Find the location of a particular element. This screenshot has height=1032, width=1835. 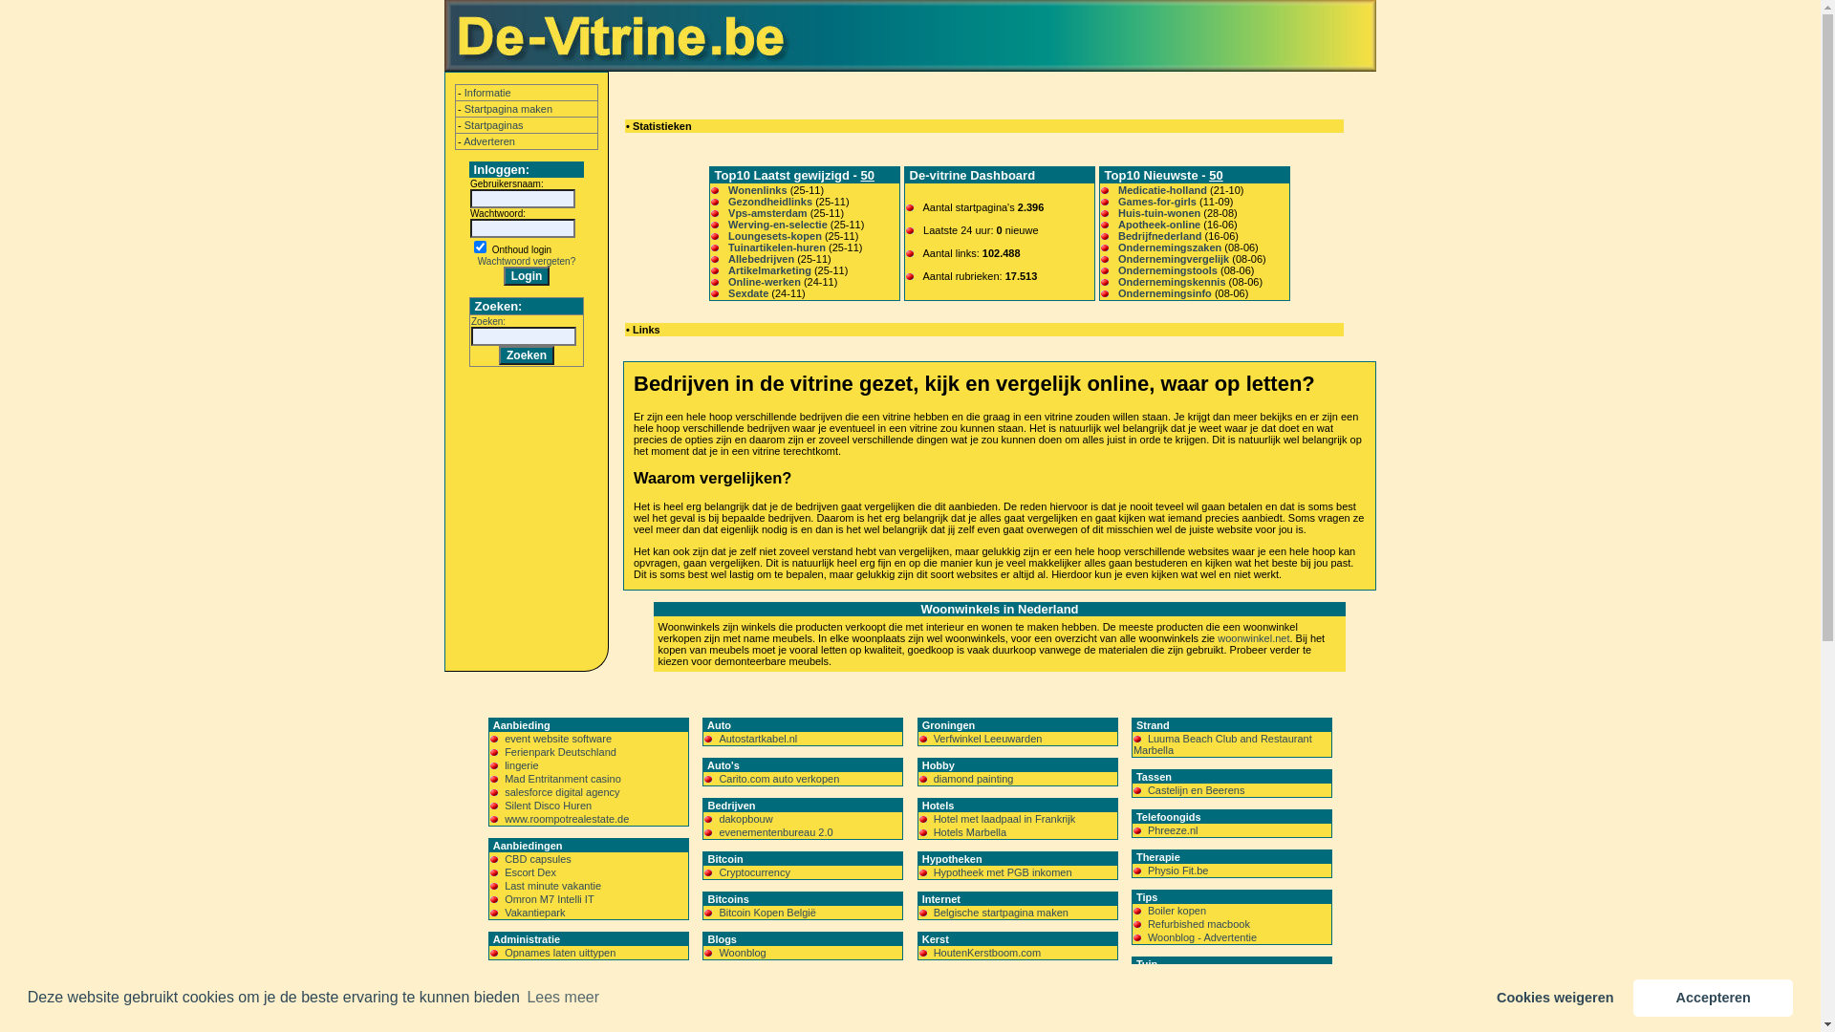

'Accepteren' is located at coordinates (1631, 997).